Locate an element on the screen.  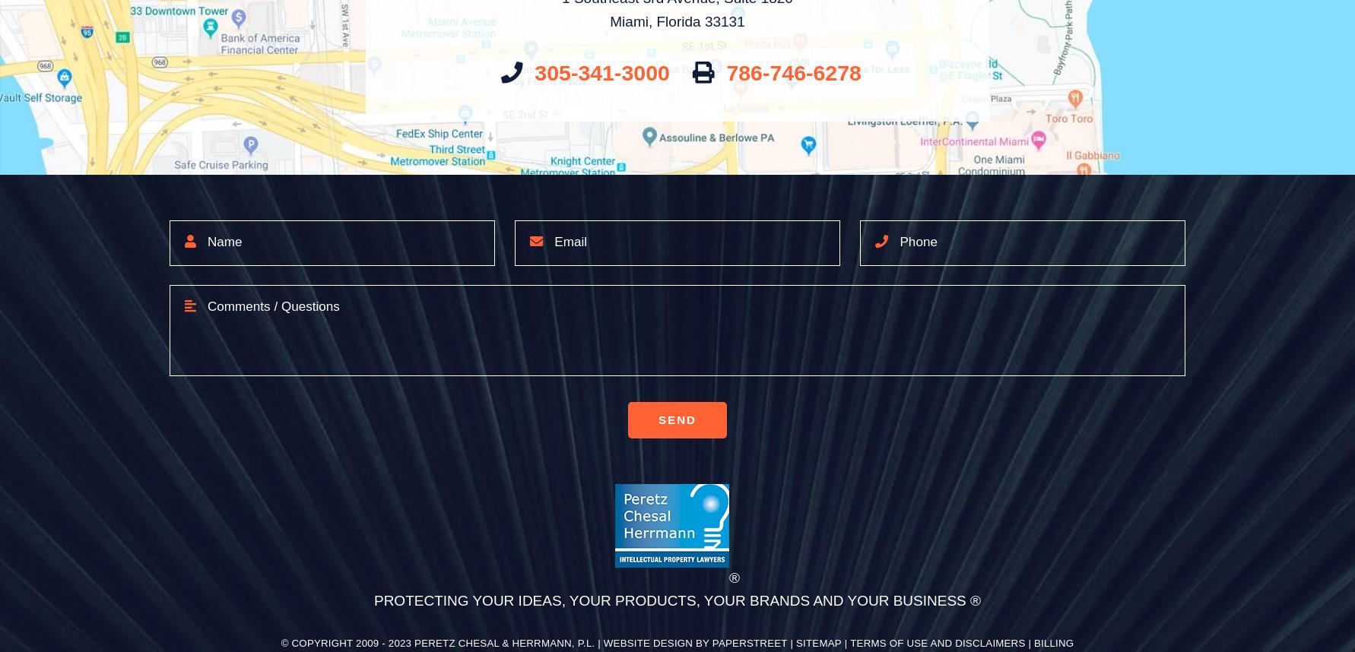
'Website Design by PaperStreet' is located at coordinates (694, 642).